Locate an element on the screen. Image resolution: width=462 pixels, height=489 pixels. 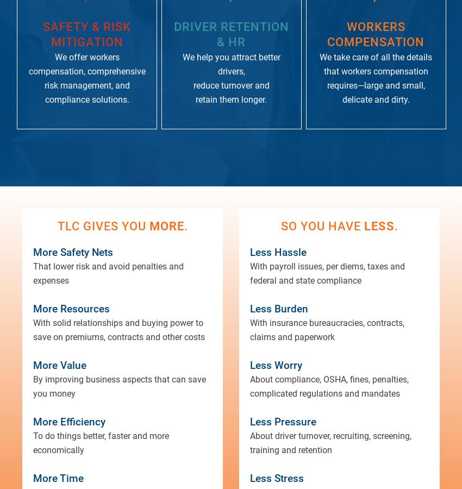
'More Resources' is located at coordinates (71, 308).